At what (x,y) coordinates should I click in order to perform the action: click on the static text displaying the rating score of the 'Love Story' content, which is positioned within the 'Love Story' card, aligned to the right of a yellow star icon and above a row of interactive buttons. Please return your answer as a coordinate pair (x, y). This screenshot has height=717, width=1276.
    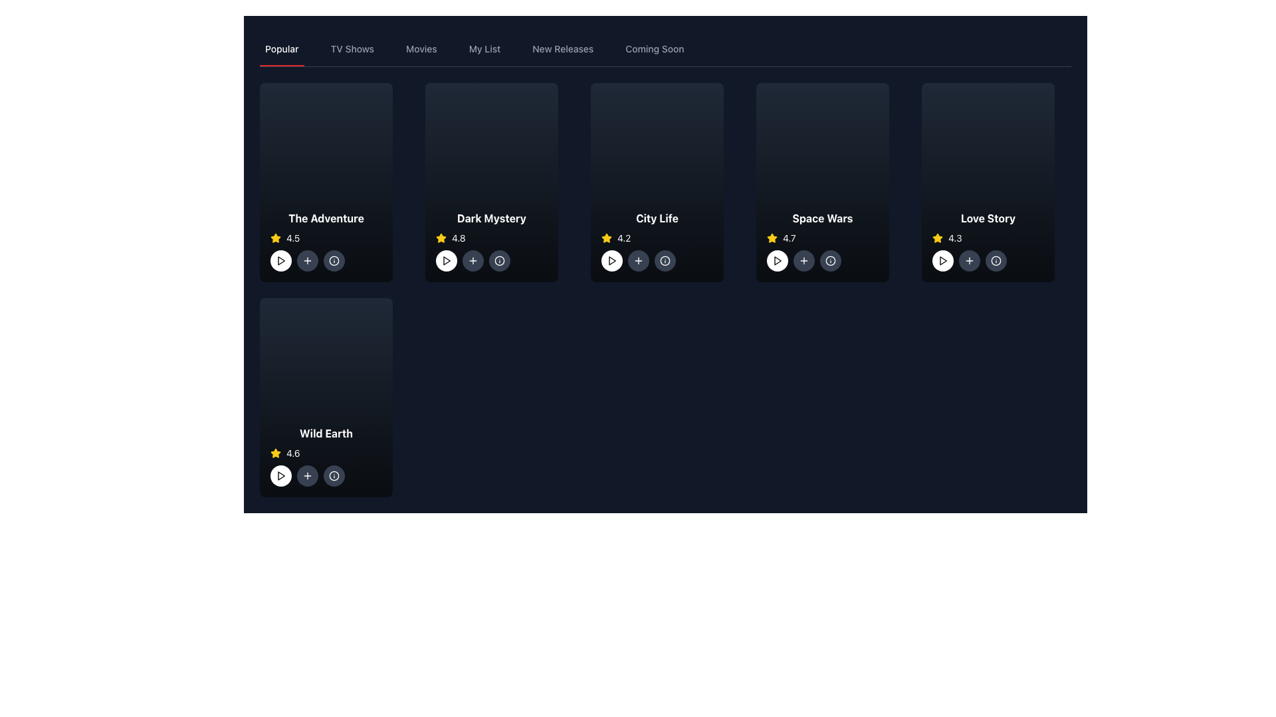
    Looking at the image, I should click on (954, 237).